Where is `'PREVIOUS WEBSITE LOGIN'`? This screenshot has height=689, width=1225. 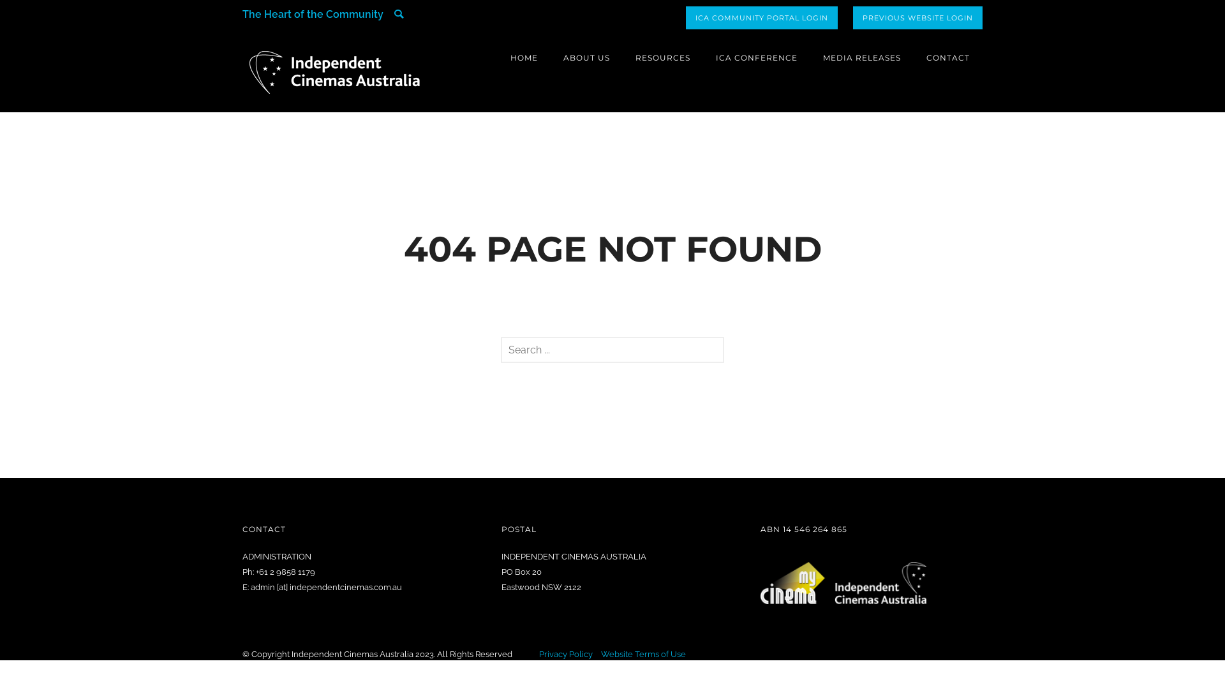 'PREVIOUS WEBSITE LOGIN' is located at coordinates (917, 17).